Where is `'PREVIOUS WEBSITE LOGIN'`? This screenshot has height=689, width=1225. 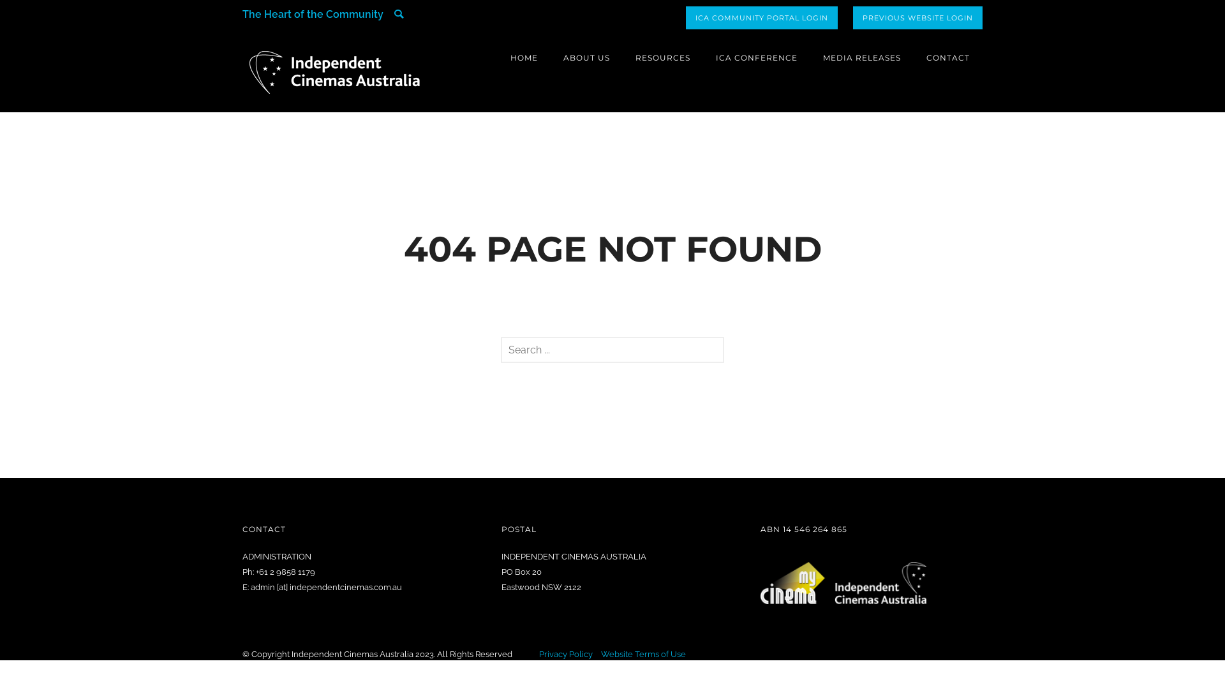 'PREVIOUS WEBSITE LOGIN' is located at coordinates (917, 17).